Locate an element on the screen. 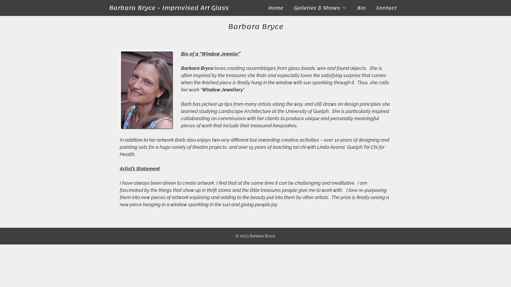 This screenshot has height=287, width=511. 'Galleries & Shows' is located at coordinates (288, 8).